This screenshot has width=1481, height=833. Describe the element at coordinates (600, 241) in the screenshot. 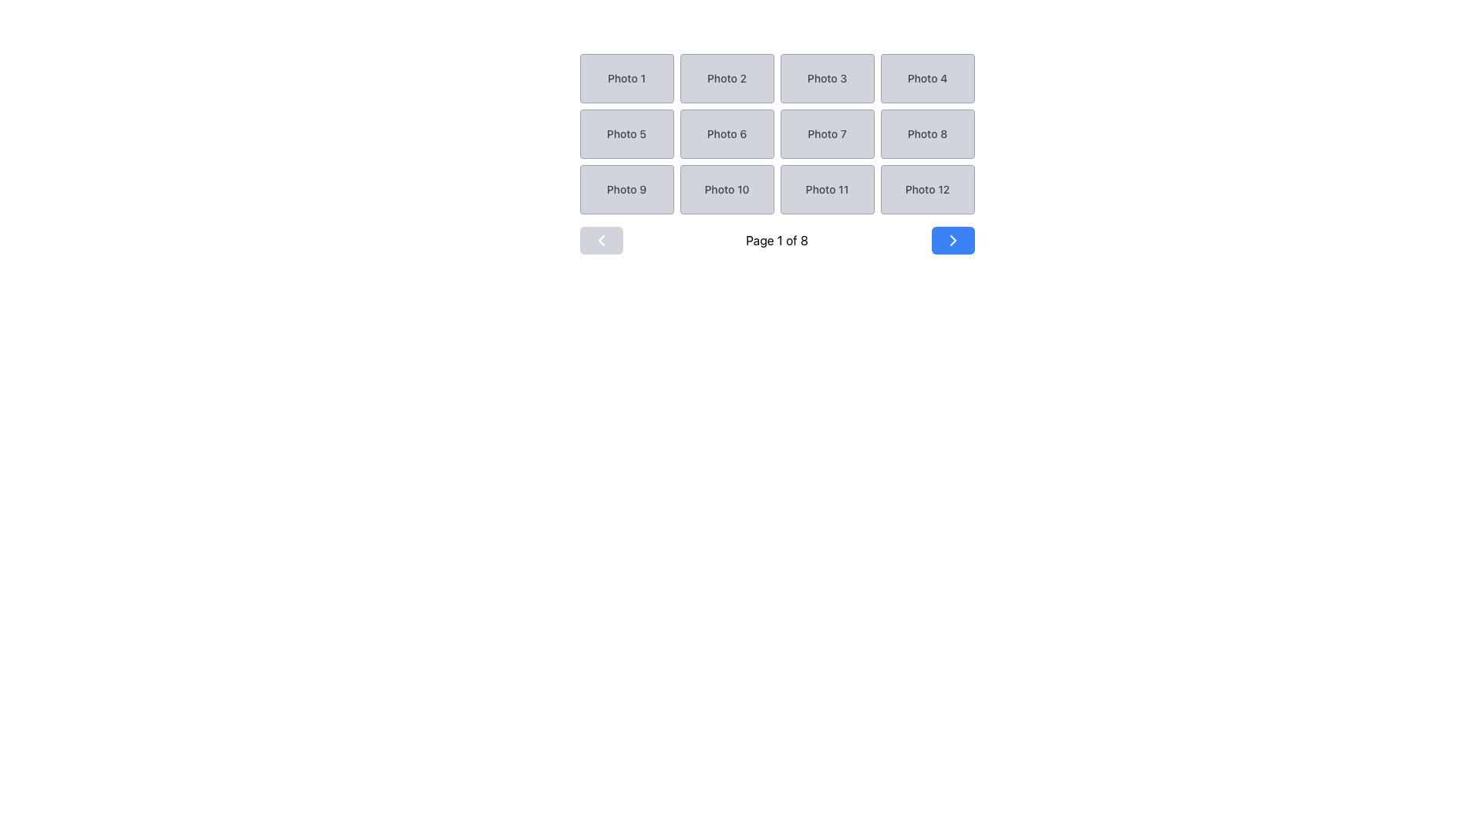

I see `the previous page button located on the bottom-left side of the UI` at that location.